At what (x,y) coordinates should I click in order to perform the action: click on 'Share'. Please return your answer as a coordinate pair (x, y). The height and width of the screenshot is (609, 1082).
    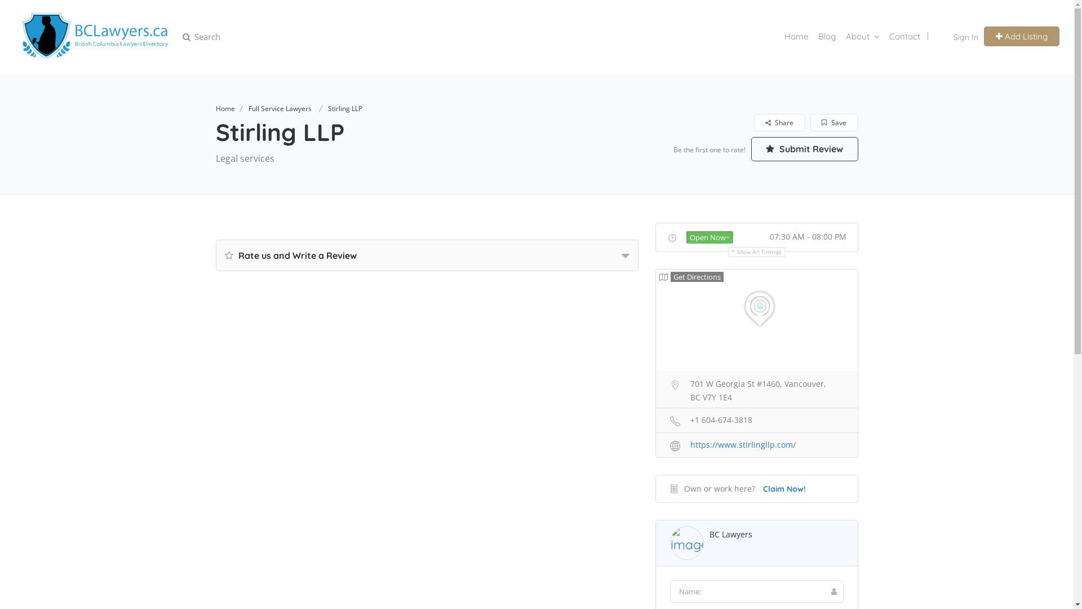
    Looking at the image, I should click on (778, 122).